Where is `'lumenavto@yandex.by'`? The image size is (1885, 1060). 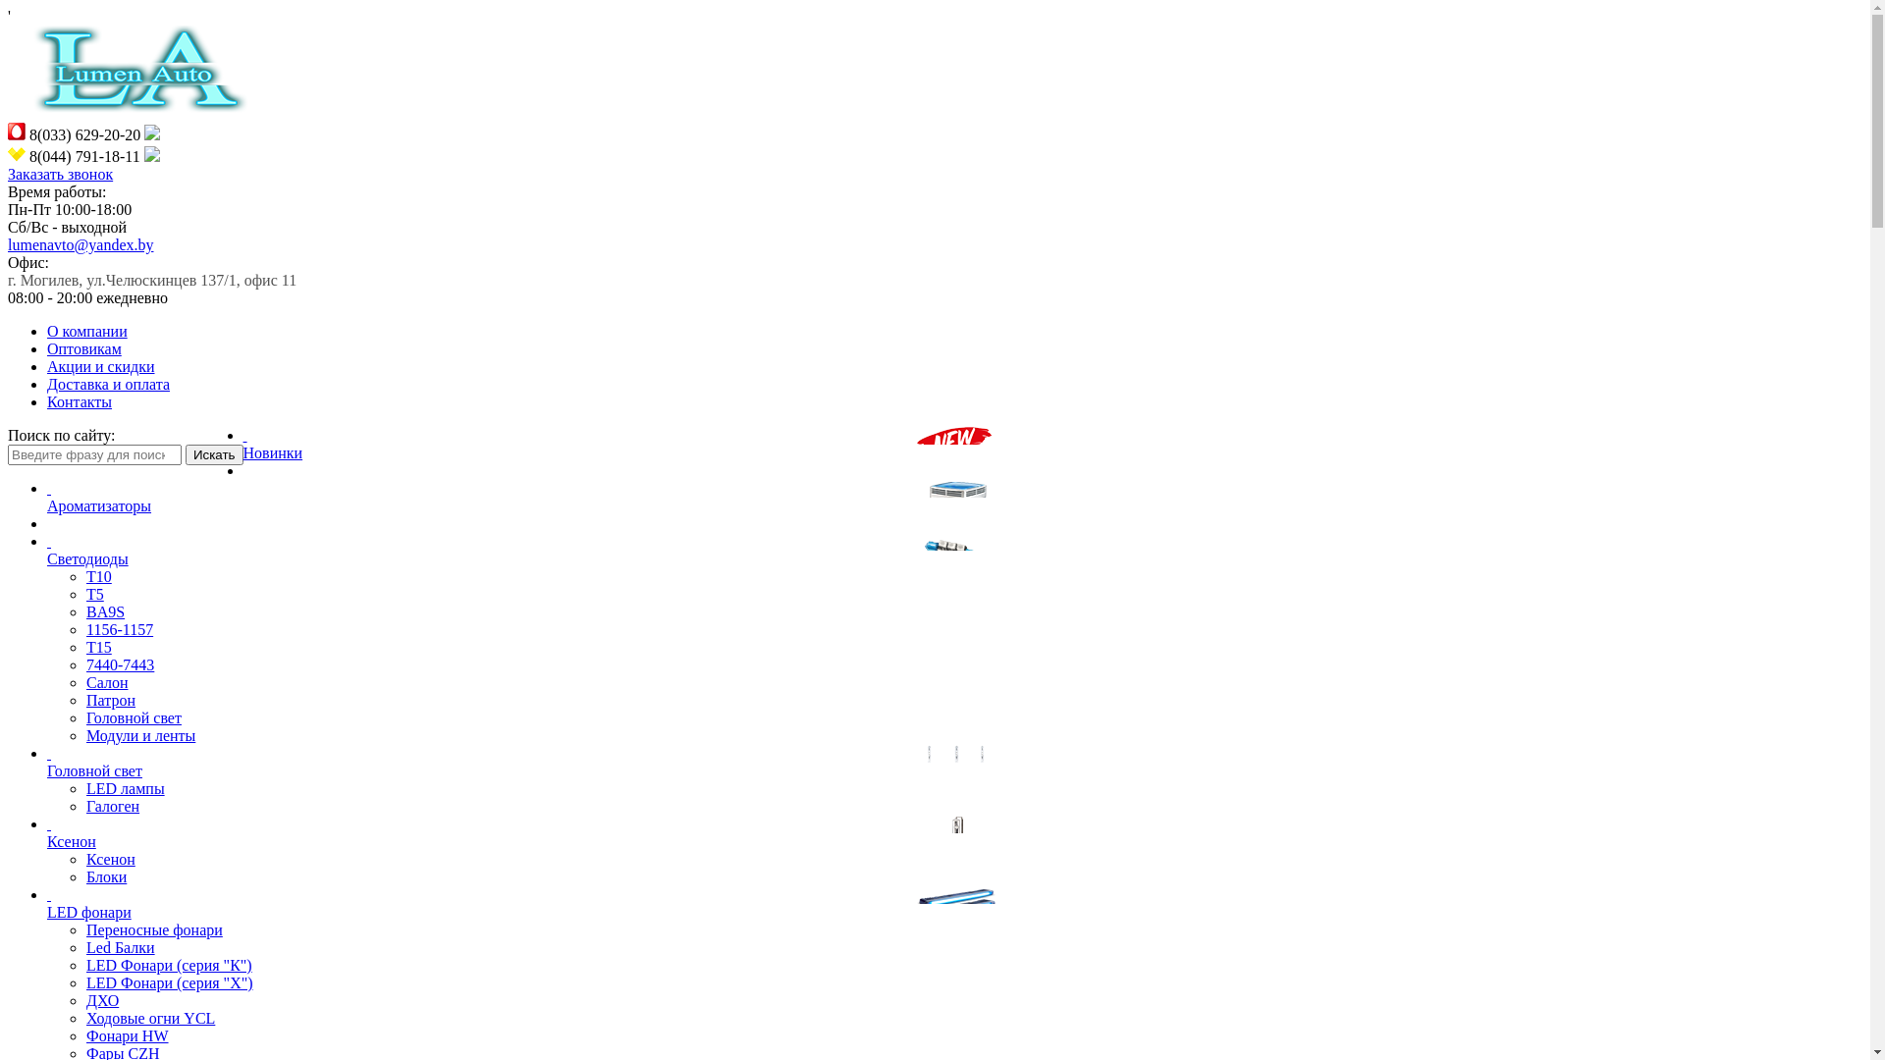 'lumenavto@yandex.by' is located at coordinates (79, 243).